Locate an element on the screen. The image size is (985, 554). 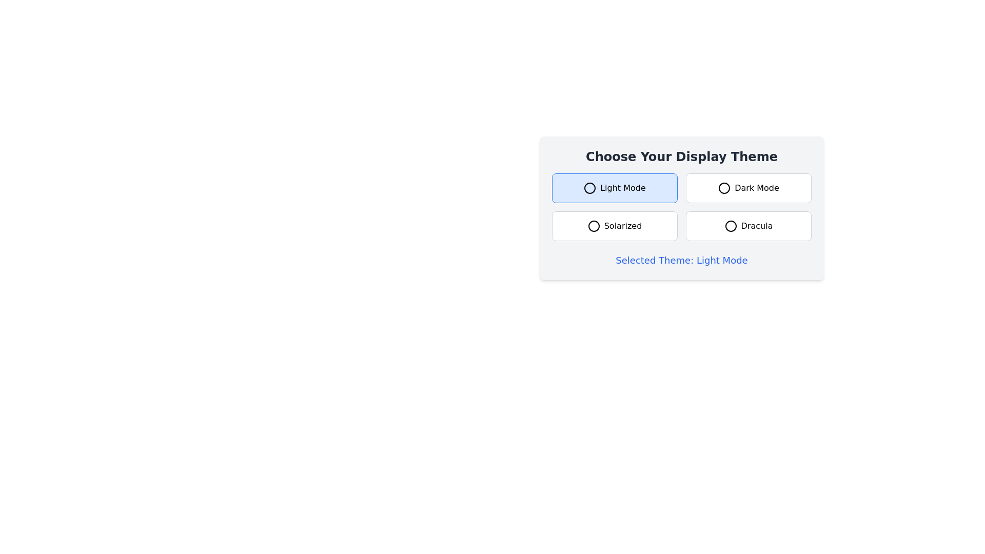
the visual indicator that shows the 'Light Mode' theme is currently selected is located at coordinates (590, 188).